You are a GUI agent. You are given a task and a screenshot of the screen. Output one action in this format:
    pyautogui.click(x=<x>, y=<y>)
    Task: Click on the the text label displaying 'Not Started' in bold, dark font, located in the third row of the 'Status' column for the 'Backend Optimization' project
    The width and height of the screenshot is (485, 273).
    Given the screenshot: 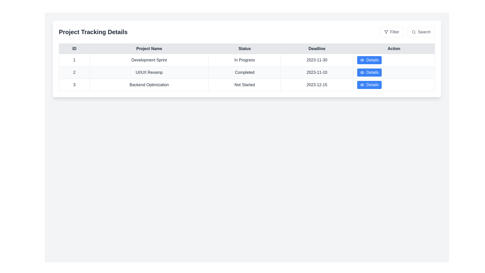 What is the action you would take?
    pyautogui.click(x=245, y=84)
    